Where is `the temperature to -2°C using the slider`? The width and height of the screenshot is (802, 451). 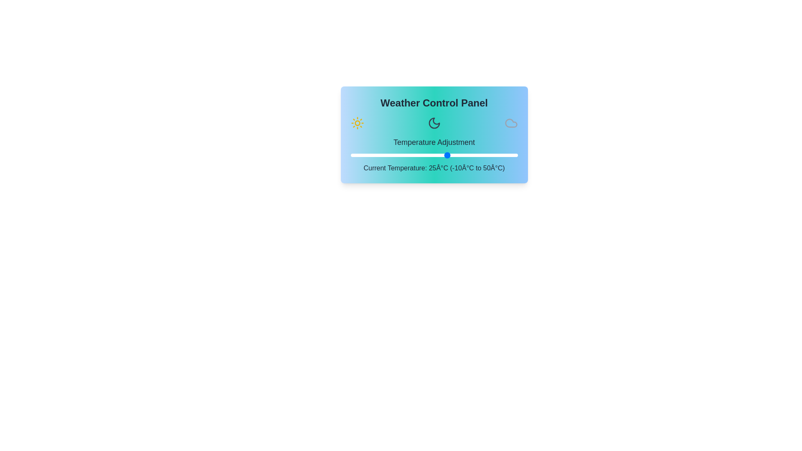 the temperature to -2°C using the slider is located at coordinates (372, 155).